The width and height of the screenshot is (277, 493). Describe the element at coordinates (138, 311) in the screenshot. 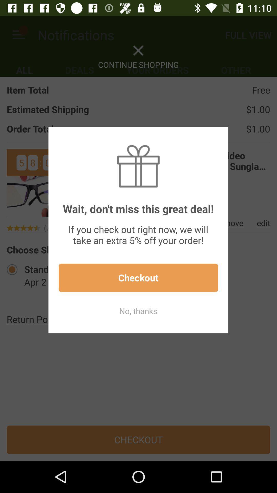

I see `the item below the checkout icon` at that location.